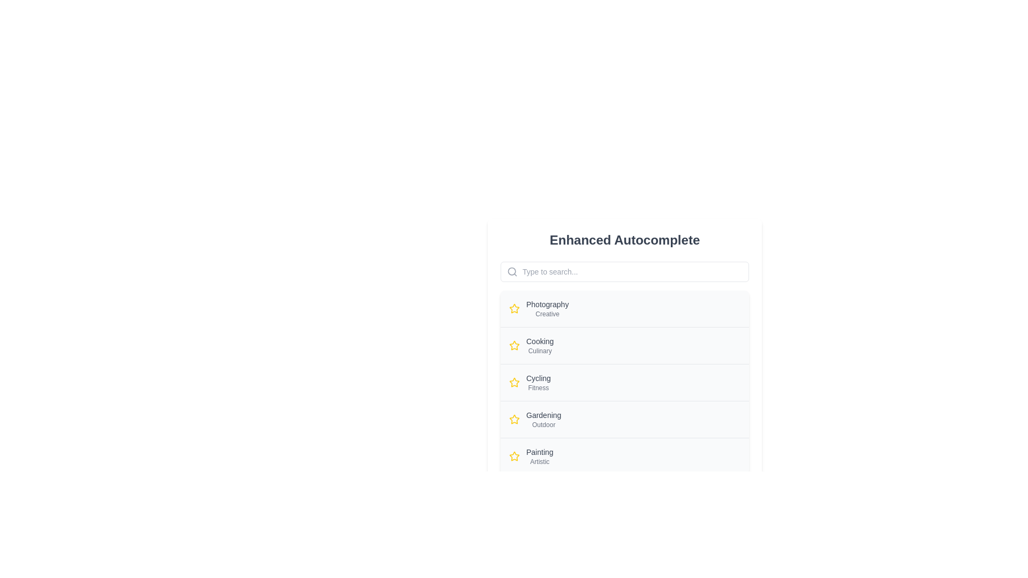 The height and width of the screenshot is (578, 1028). Describe the element at coordinates (540, 345) in the screenshot. I see `the second item in the autocomplete suggestion box labeled 'Cooking Culinary'` at that location.